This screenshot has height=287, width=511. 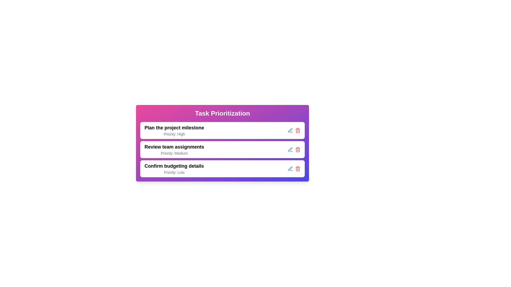 What do you see at coordinates (174, 169) in the screenshot?
I see `the Text Label that says 'Confirm budgeting details' with a priority of 'Low', which is styled in a rectangular, white button-like structure located under the header 'Task Prioritization'` at bounding box center [174, 169].